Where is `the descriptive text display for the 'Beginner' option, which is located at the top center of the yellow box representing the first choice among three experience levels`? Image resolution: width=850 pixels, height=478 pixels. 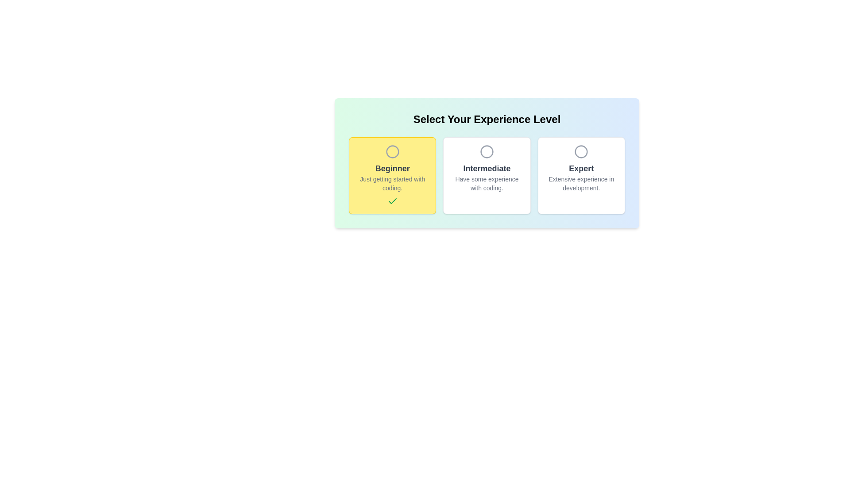 the descriptive text display for the 'Beginner' option, which is located at the top center of the yellow box representing the first choice among three experience levels is located at coordinates (392, 177).